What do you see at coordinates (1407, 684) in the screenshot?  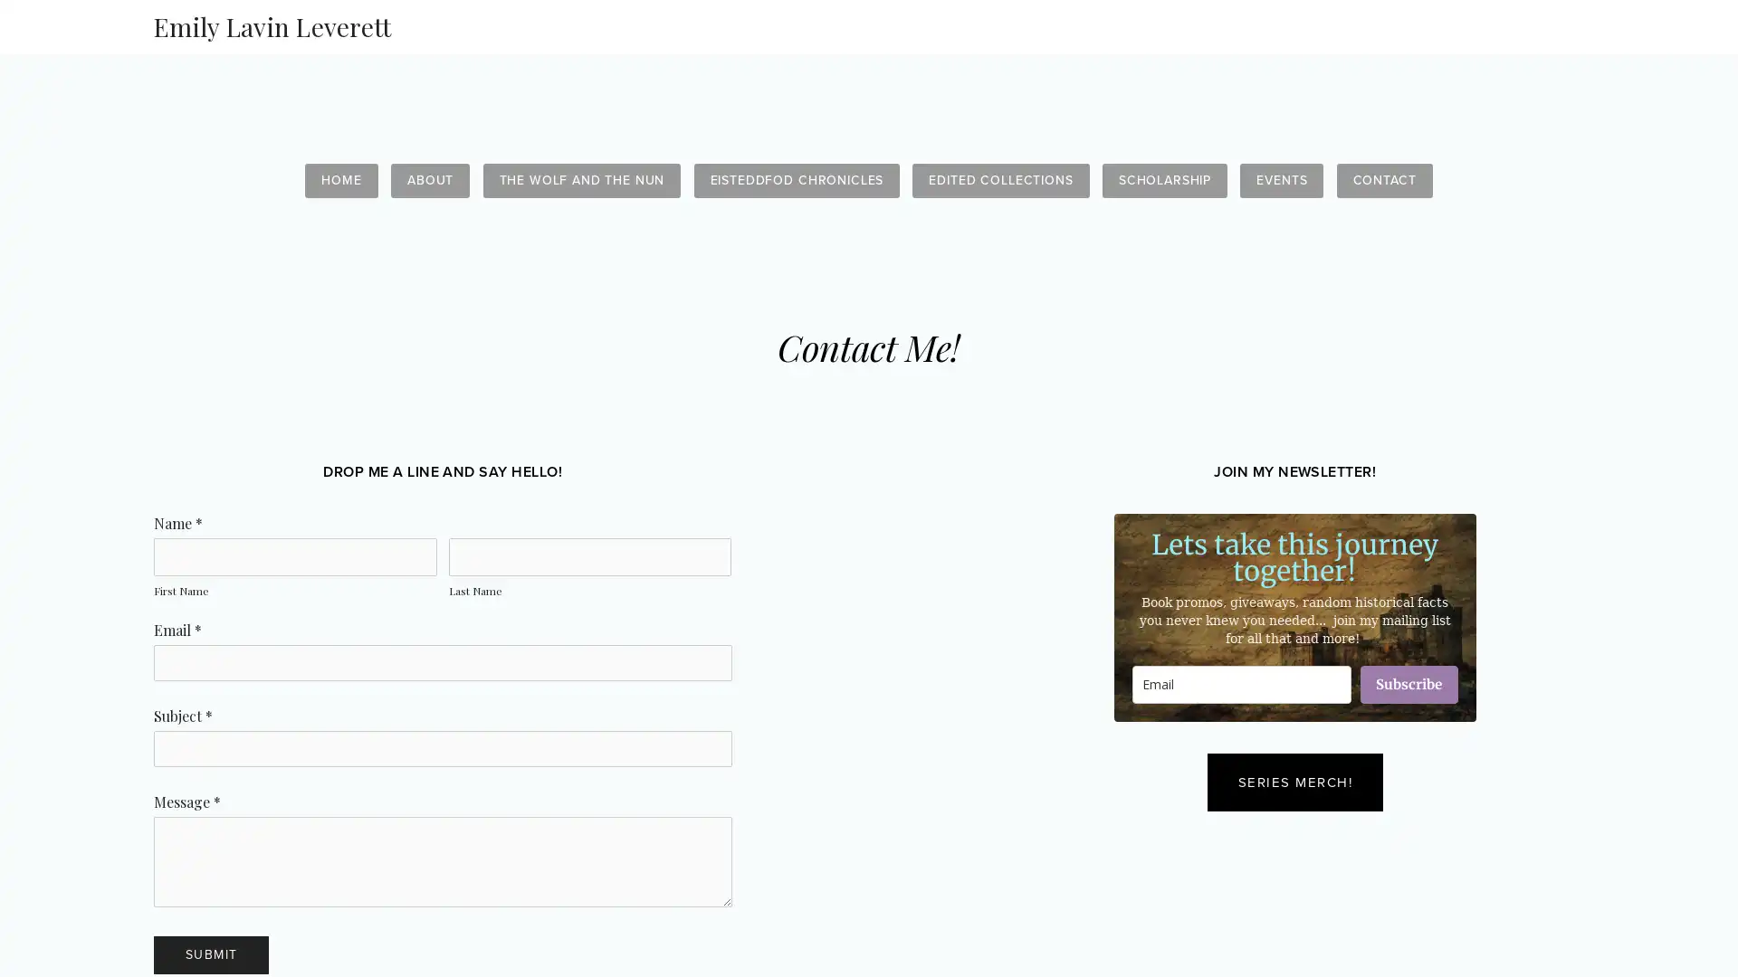 I see `Subscribe` at bounding box center [1407, 684].